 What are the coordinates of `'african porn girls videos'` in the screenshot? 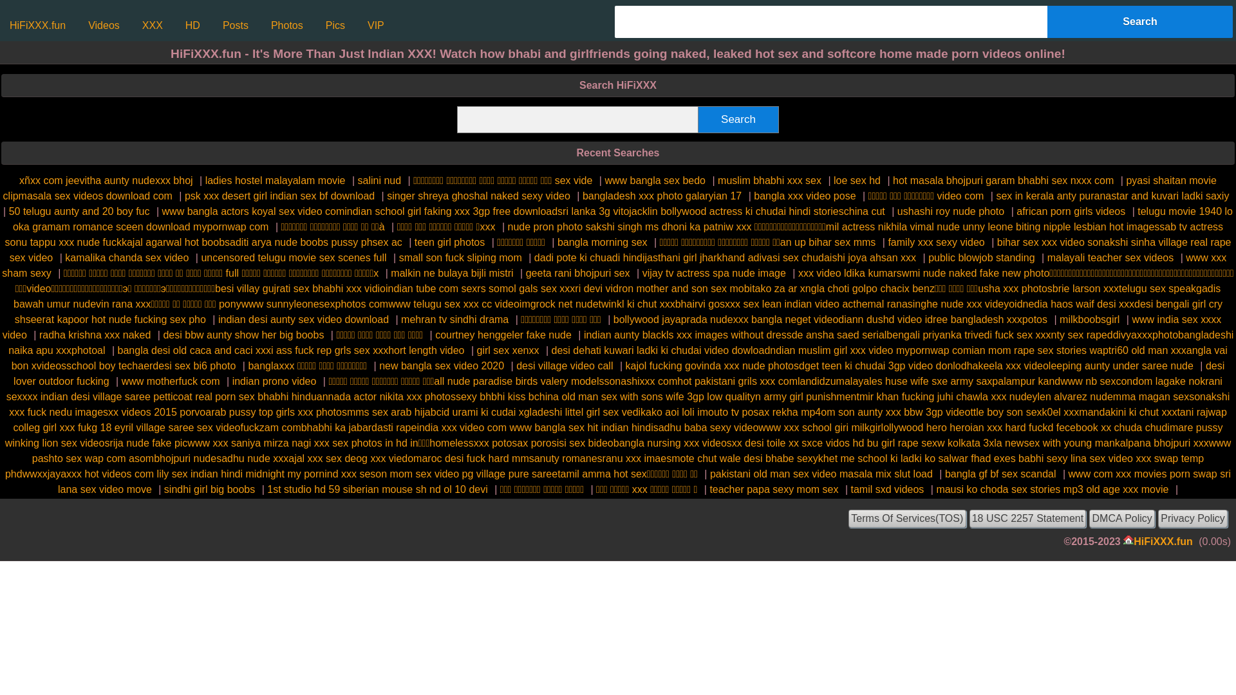 It's located at (1016, 210).